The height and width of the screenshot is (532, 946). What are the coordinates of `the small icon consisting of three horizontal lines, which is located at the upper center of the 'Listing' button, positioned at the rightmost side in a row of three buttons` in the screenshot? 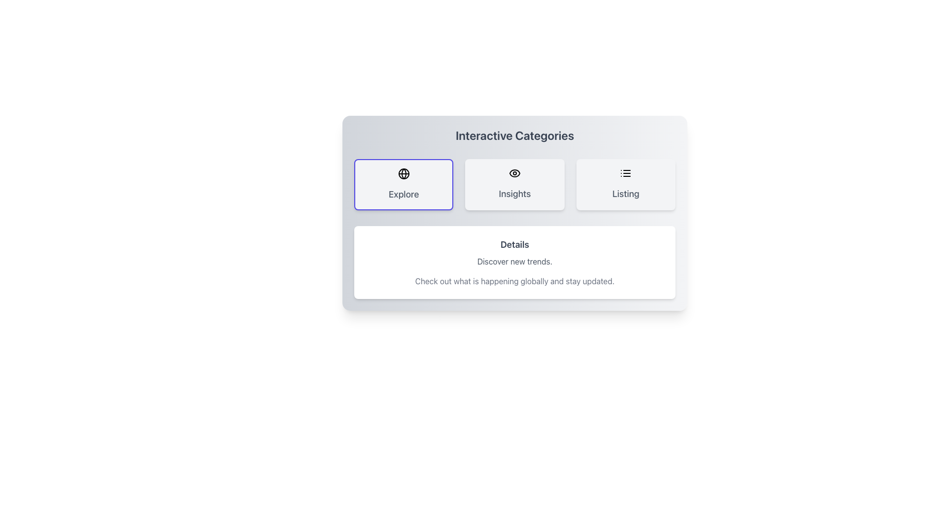 It's located at (625, 172).